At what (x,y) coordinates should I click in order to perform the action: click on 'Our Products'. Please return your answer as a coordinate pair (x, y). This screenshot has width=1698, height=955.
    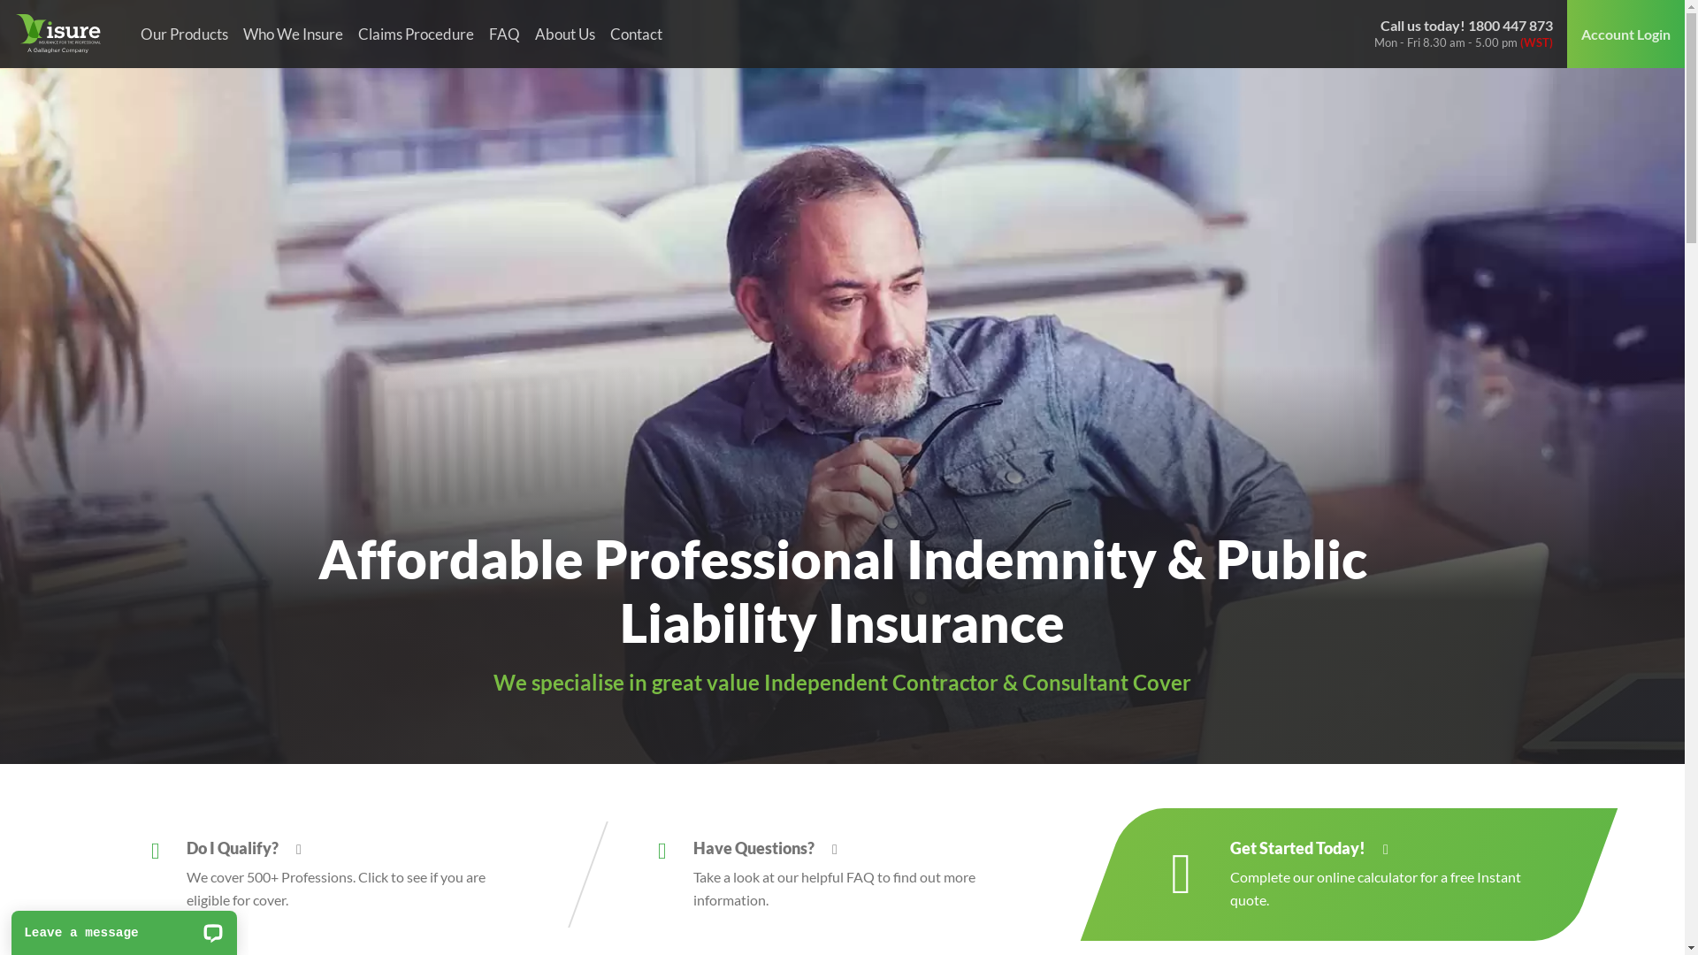
    Looking at the image, I should click on (131, 34).